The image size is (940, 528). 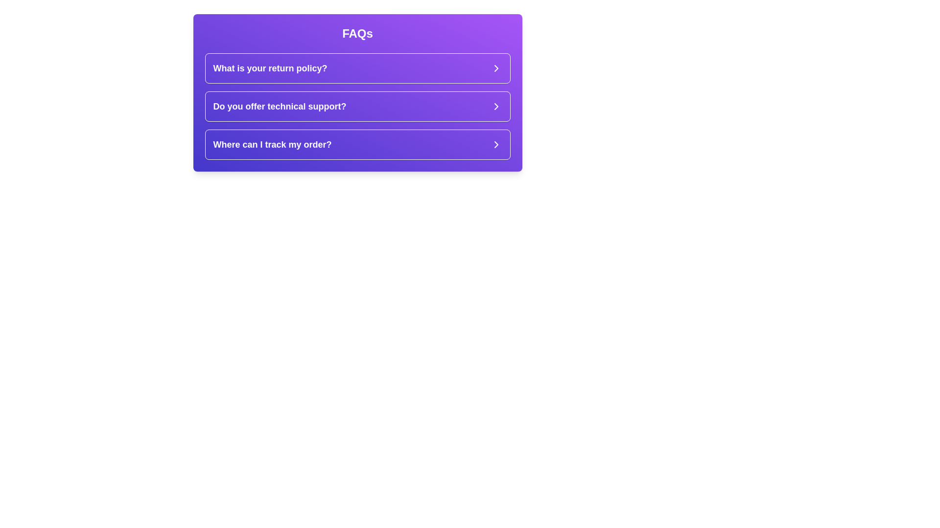 What do you see at coordinates (357, 67) in the screenshot?
I see `the collapsible section labeled 'What is your return policy?'` at bounding box center [357, 67].